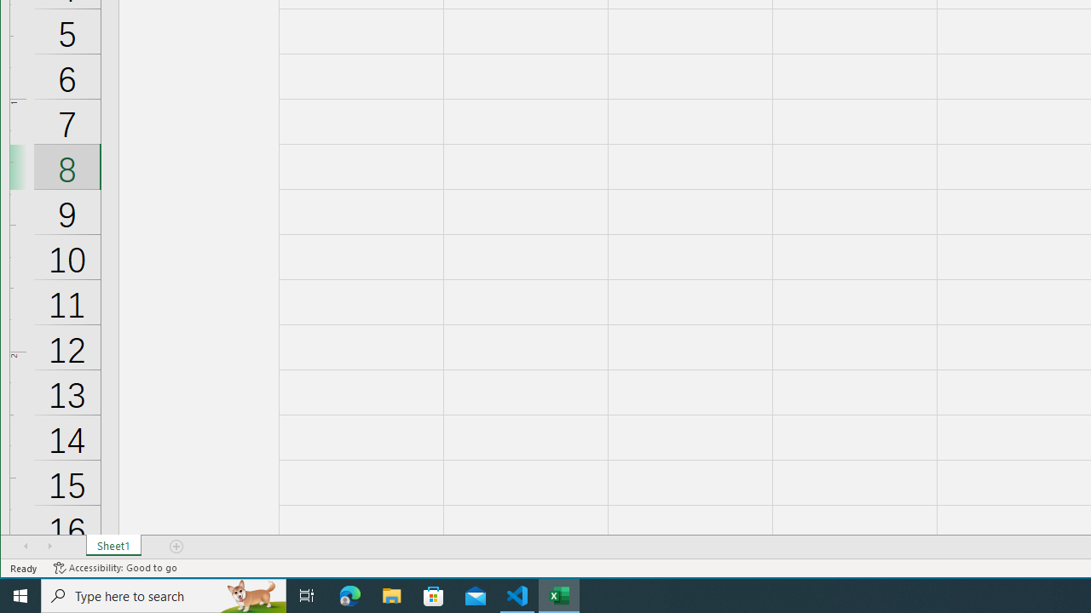 The height and width of the screenshot is (613, 1091). Describe the element at coordinates (517, 594) in the screenshot. I see `'Visual Studio Code - 1 running window'` at that location.